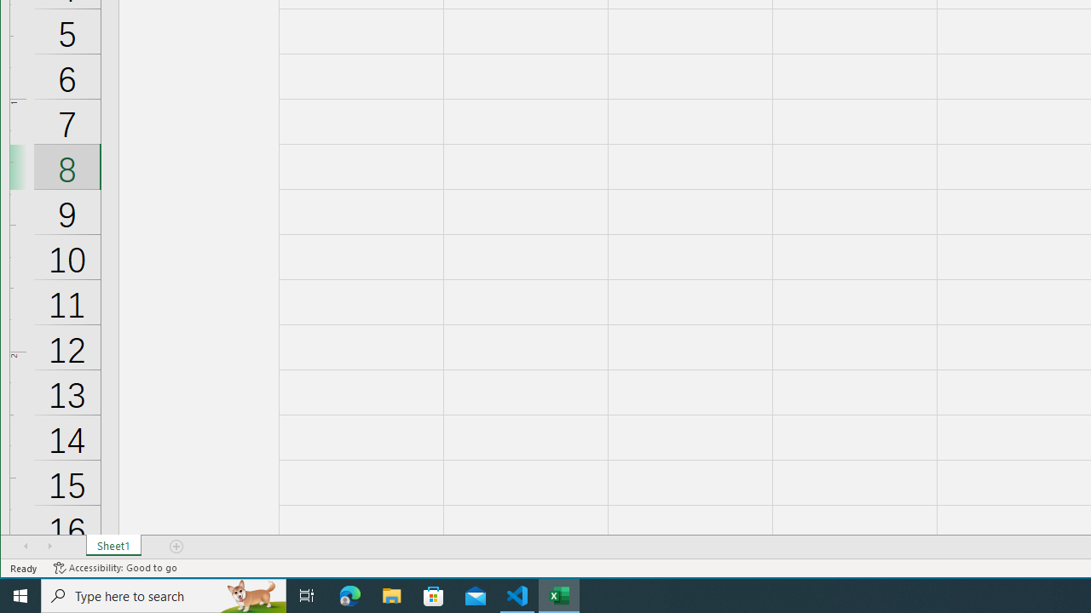 The height and width of the screenshot is (613, 1091). Describe the element at coordinates (517, 594) in the screenshot. I see `'Visual Studio Code - 1 running window'` at that location.